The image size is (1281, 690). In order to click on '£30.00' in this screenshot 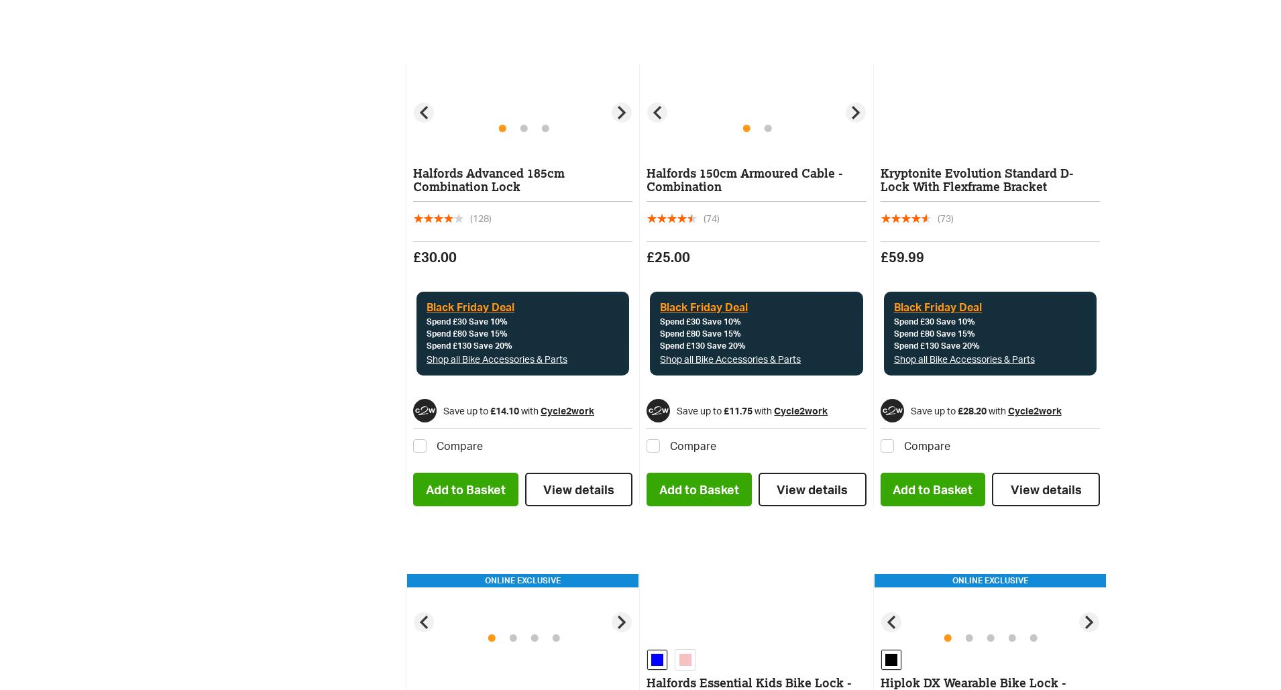, I will do `click(412, 256)`.